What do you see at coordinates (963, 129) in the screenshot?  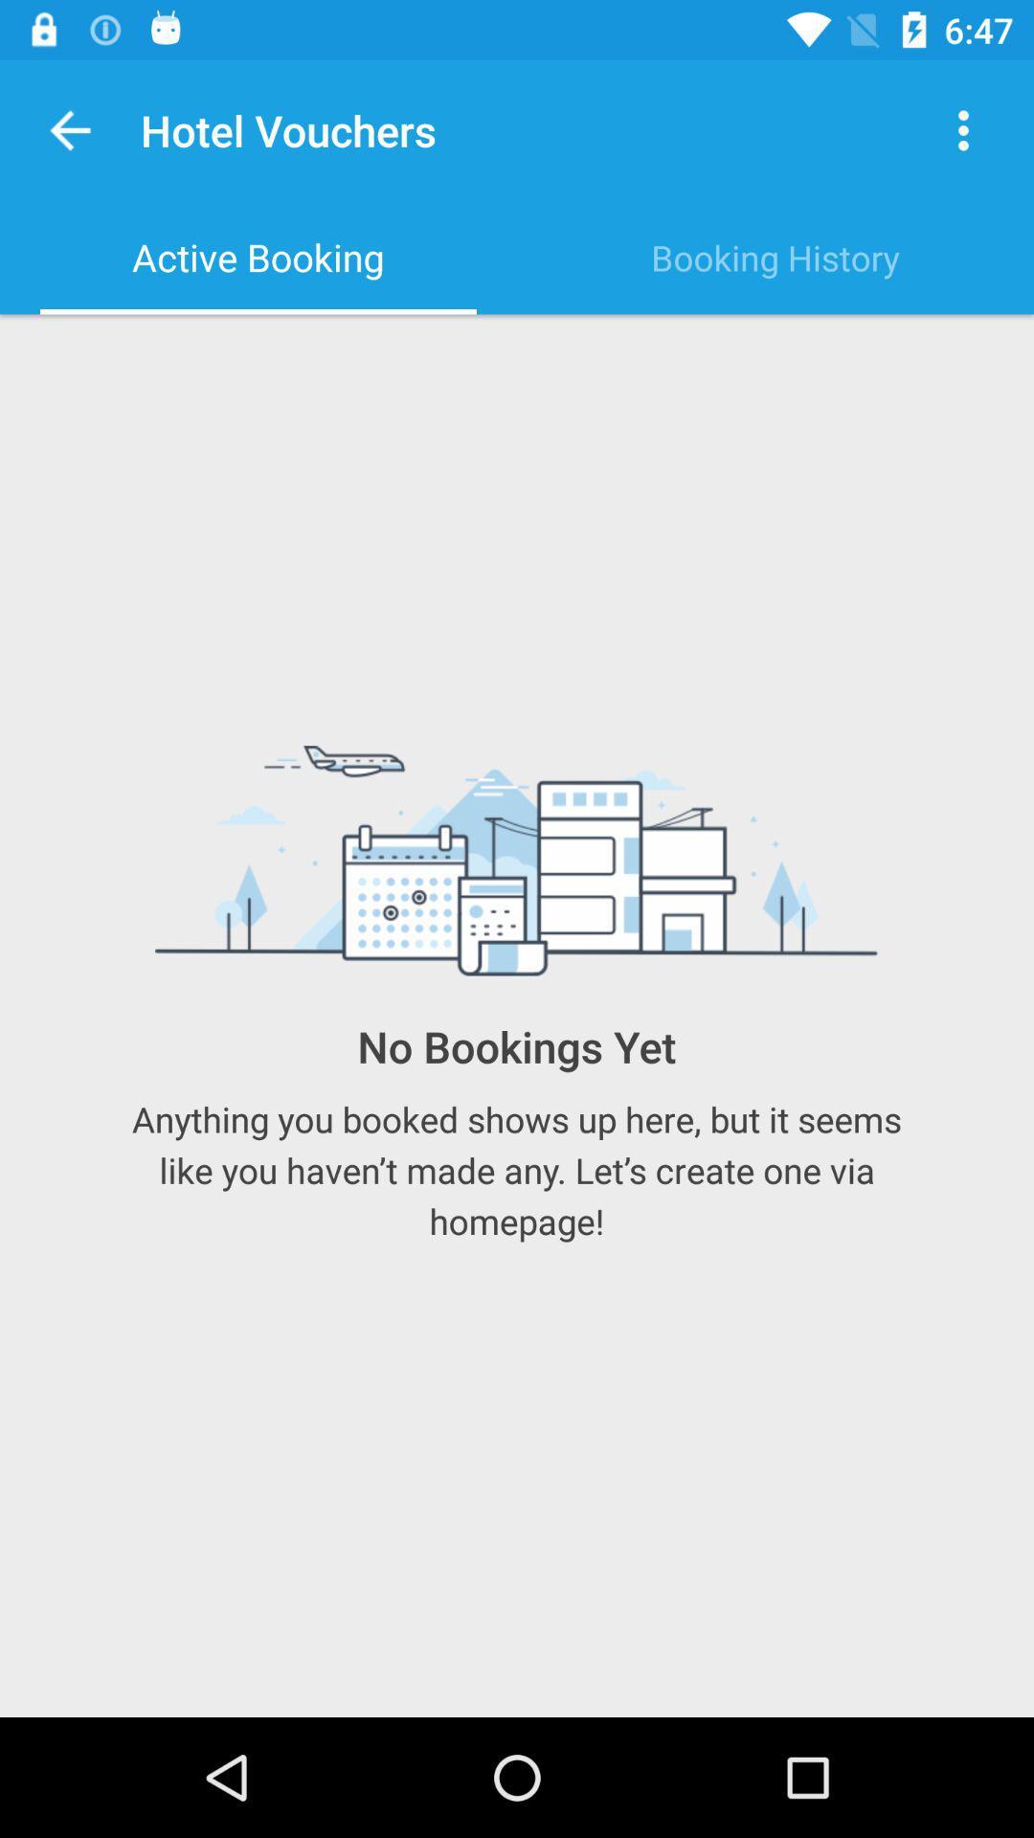 I see `menu` at bounding box center [963, 129].